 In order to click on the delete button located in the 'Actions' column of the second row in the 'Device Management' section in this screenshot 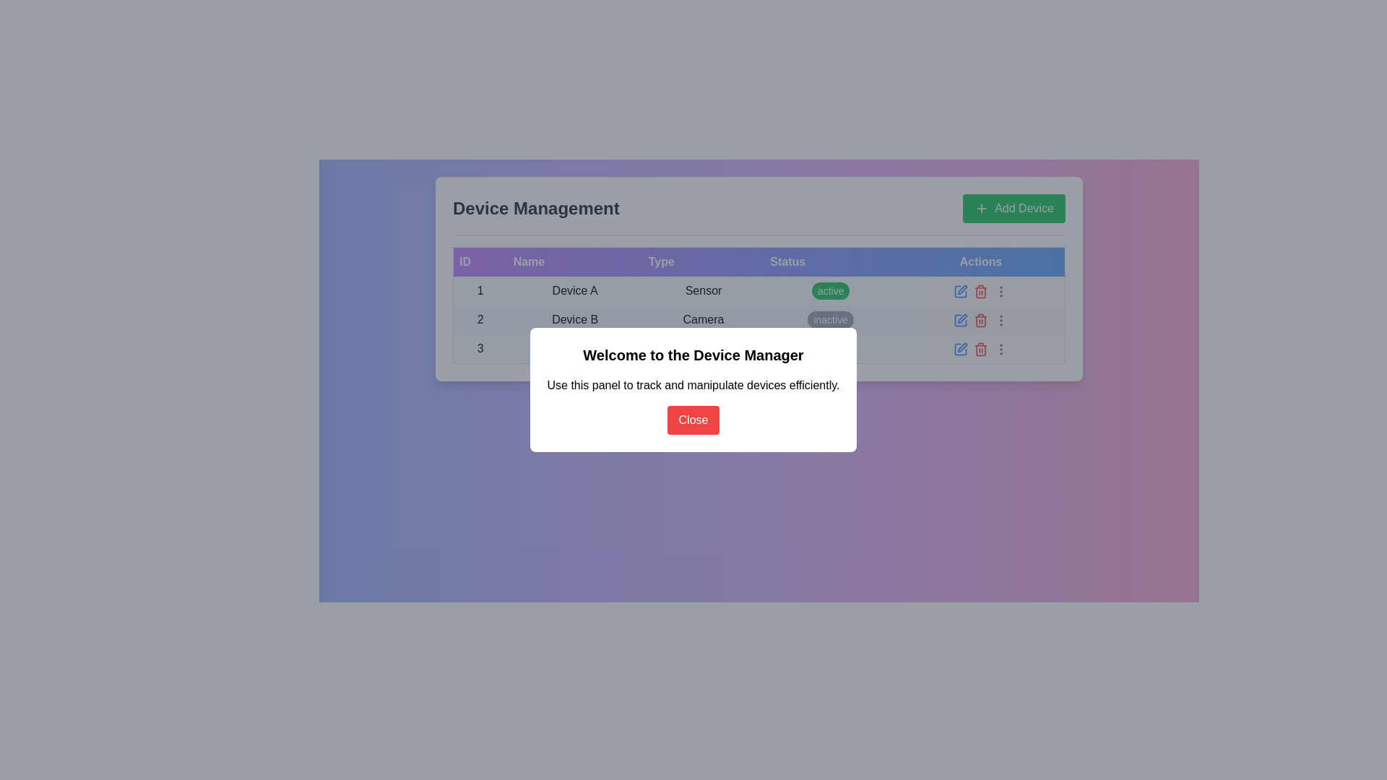, I will do `click(981, 290)`.